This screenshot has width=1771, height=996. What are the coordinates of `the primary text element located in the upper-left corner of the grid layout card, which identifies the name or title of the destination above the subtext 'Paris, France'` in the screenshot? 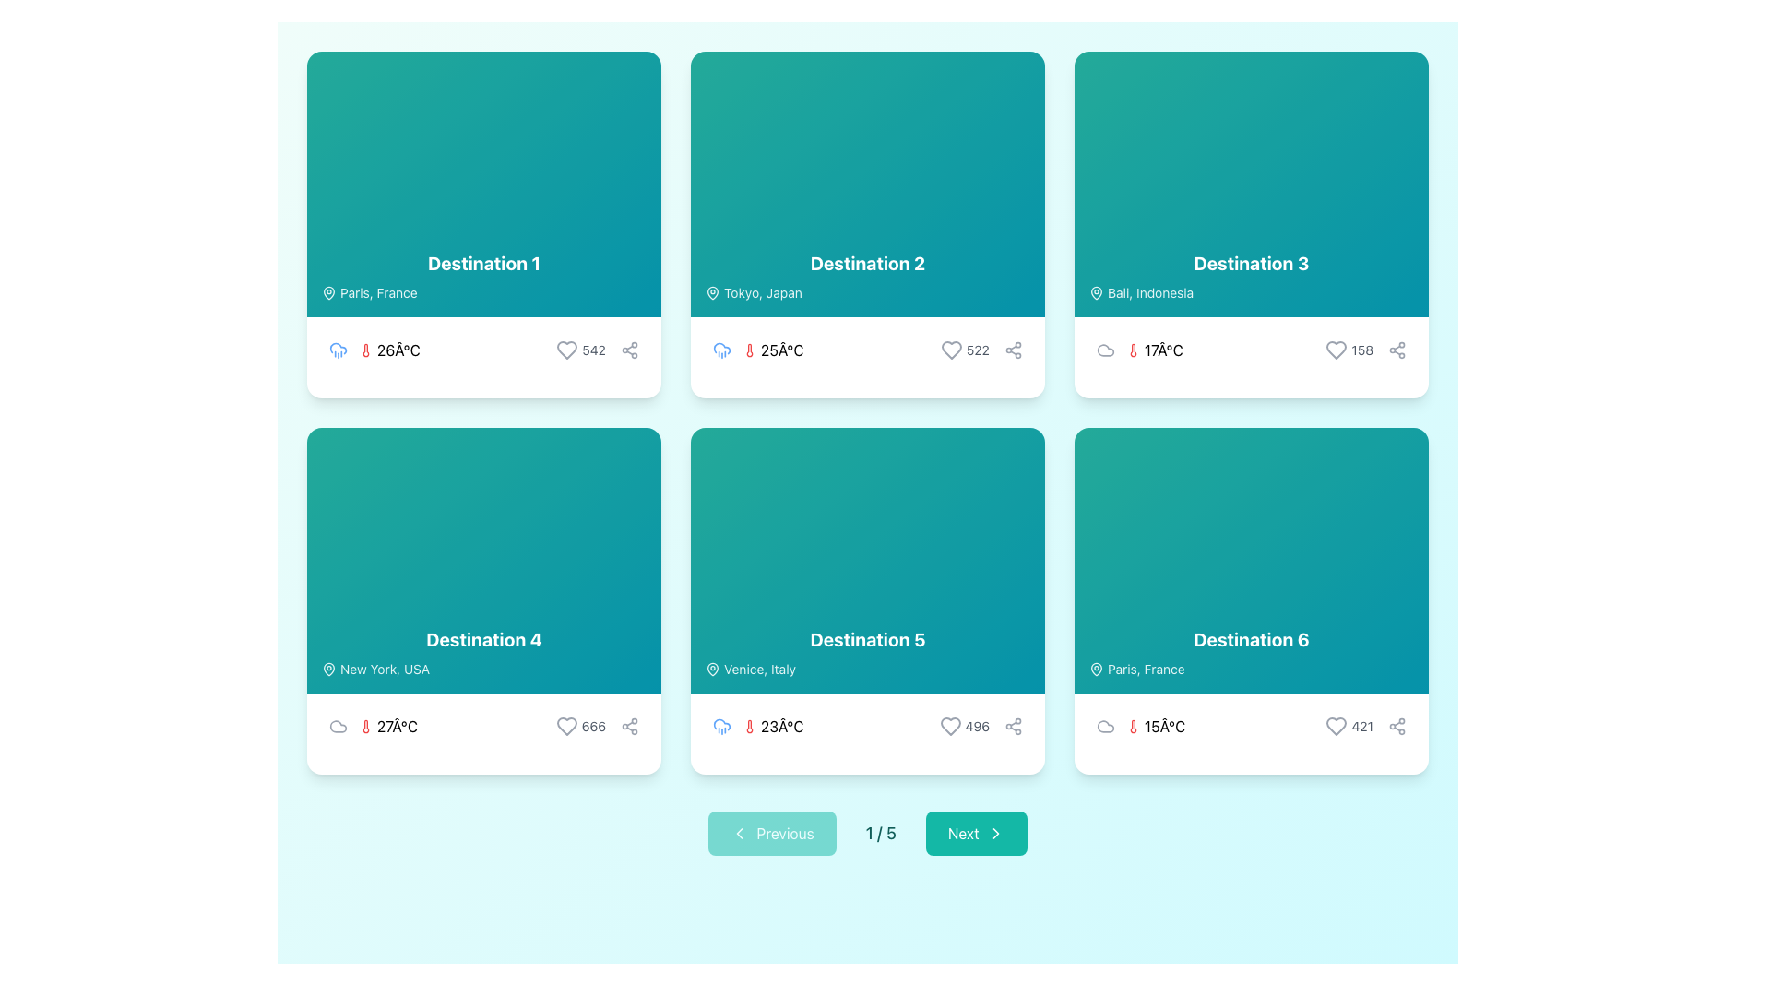 It's located at (483, 263).